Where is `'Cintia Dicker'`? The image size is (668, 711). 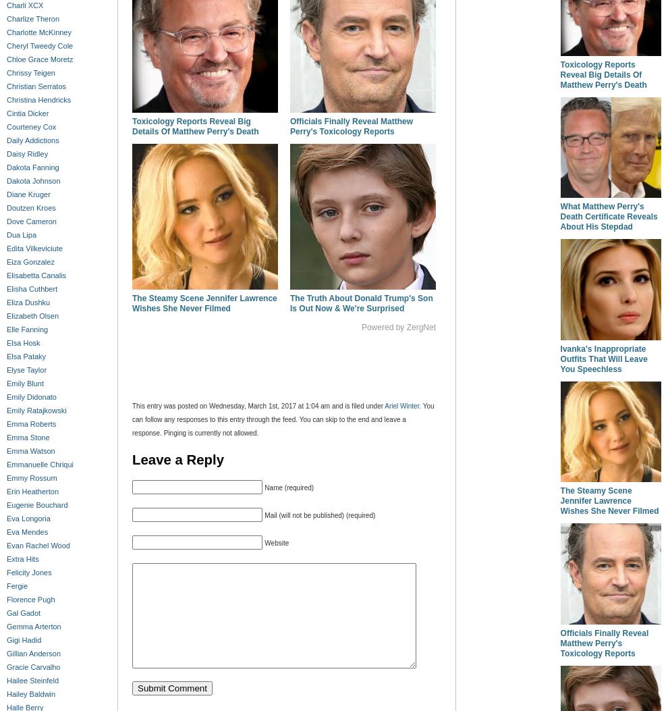
'Cintia Dicker' is located at coordinates (5, 112).